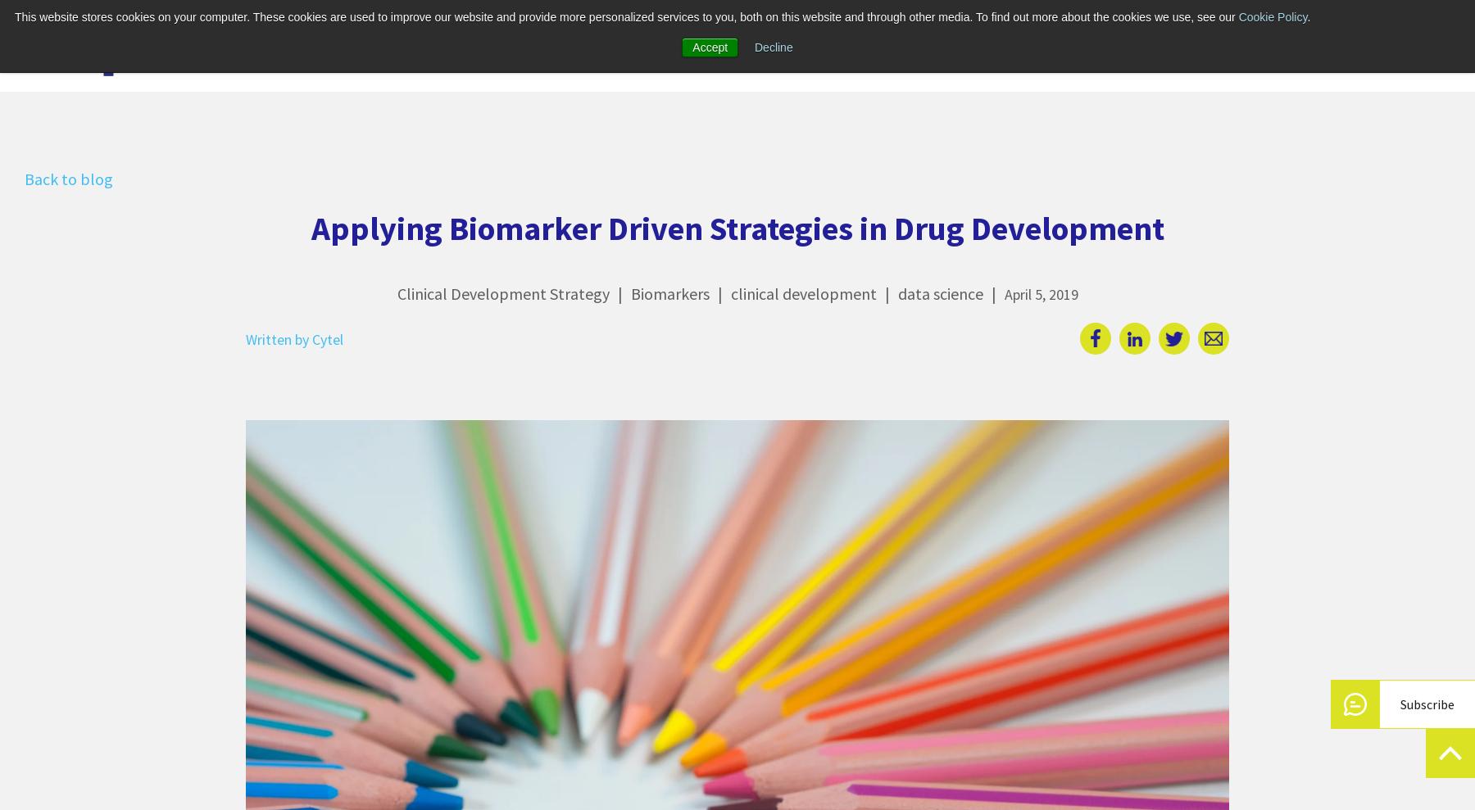 This screenshot has height=810, width=1475. I want to click on 'Accept', so click(710, 47).